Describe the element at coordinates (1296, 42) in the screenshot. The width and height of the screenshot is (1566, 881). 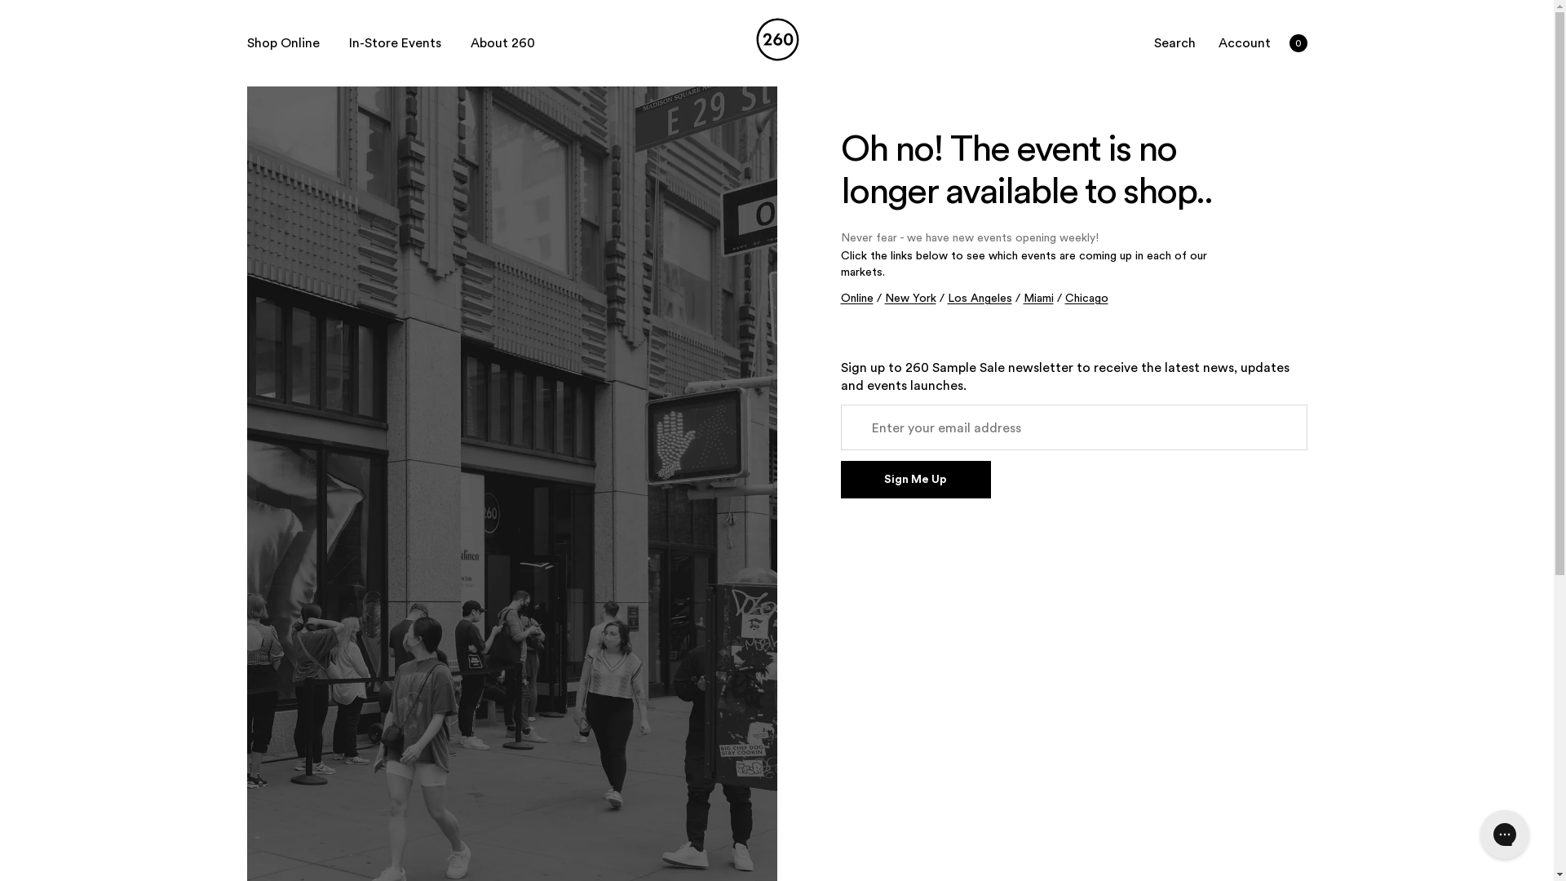
I see `'Shopping cart` at that location.